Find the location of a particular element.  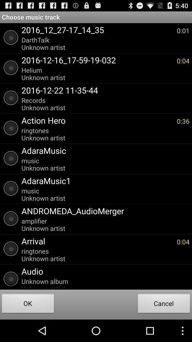

item above the amplifier is located at coordinates (103, 211).